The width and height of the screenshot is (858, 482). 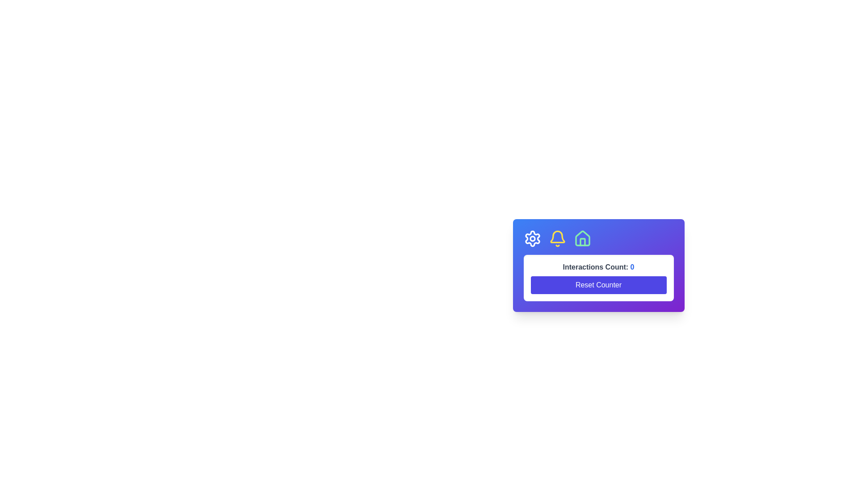 I want to click on the 'Reset Counter' button located within the composite UI component that displays the text 'Interactions Count: 0', so click(x=598, y=278).